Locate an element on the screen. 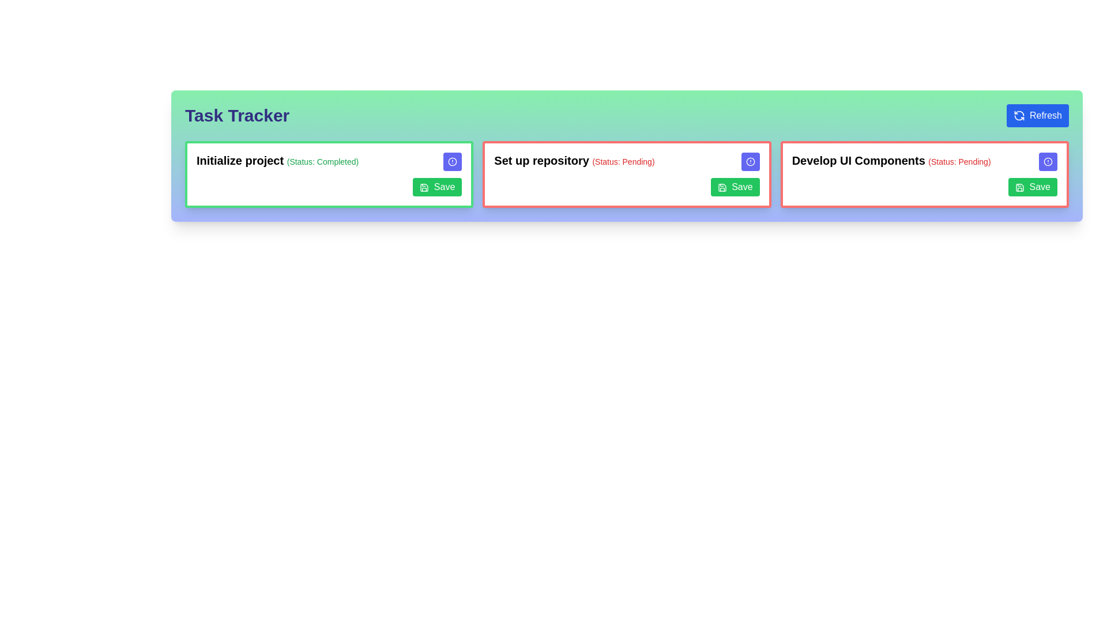 The height and width of the screenshot is (622, 1107). the status indicator icon within the 'Set up repository' task card, which signifies an issue or requirement for attention is located at coordinates (750, 162).